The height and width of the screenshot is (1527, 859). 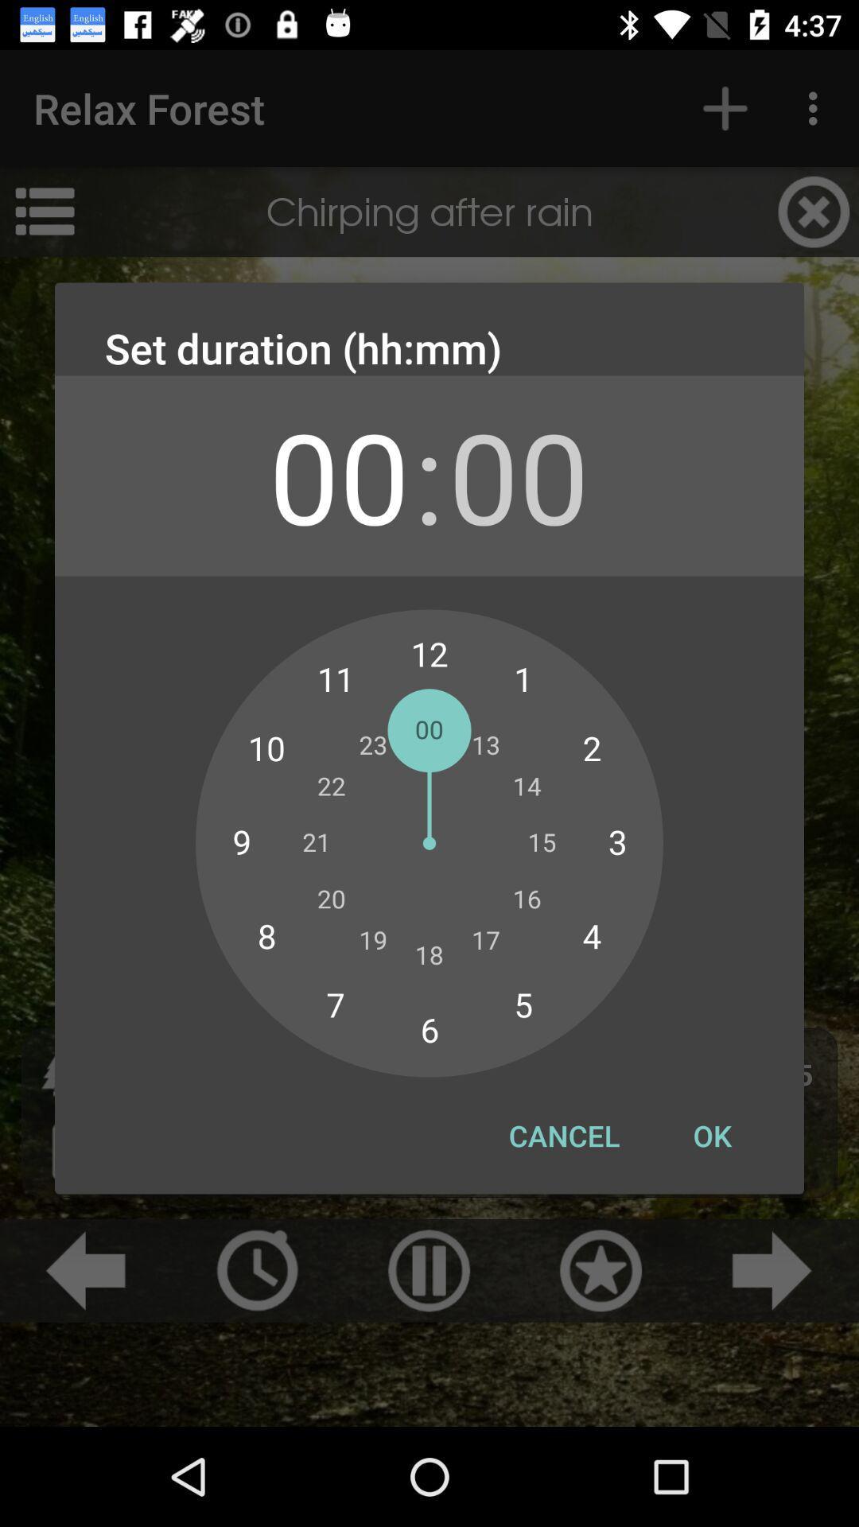 I want to click on button next to ok item, so click(x=563, y=1135).